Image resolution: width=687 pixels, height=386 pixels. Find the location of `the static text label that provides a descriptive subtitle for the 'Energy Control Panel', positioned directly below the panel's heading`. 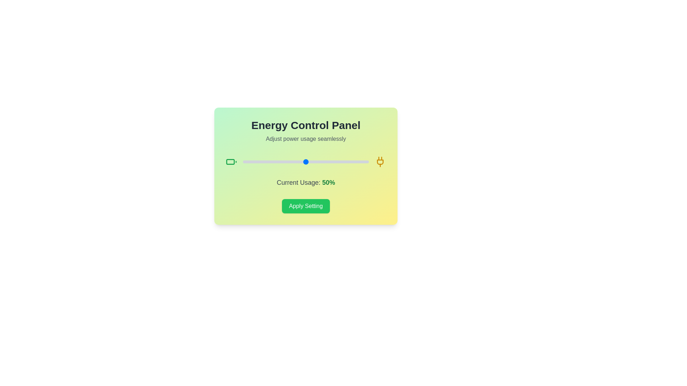

the static text label that provides a descriptive subtitle for the 'Energy Control Panel', positioned directly below the panel's heading is located at coordinates (306, 139).